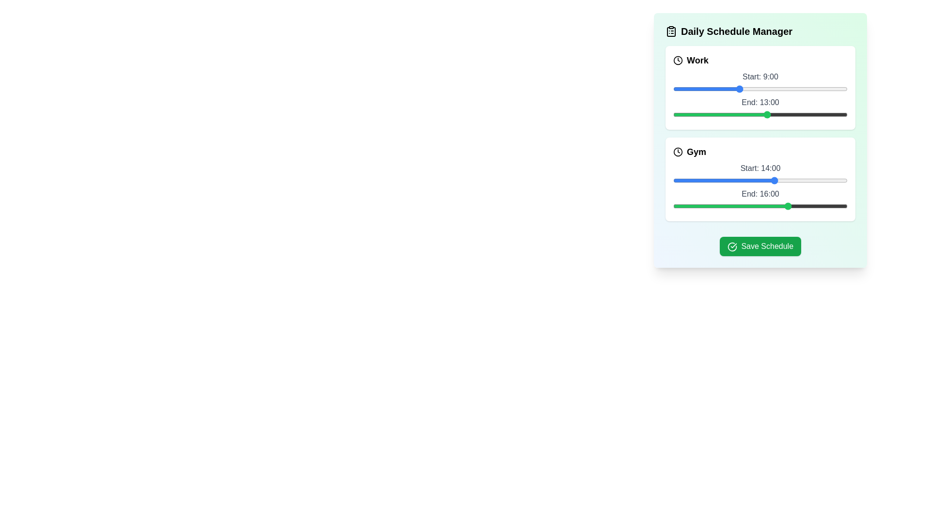  What do you see at coordinates (811, 114) in the screenshot?
I see `the end time of the task to 19 hours using the slider` at bounding box center [811, 114].